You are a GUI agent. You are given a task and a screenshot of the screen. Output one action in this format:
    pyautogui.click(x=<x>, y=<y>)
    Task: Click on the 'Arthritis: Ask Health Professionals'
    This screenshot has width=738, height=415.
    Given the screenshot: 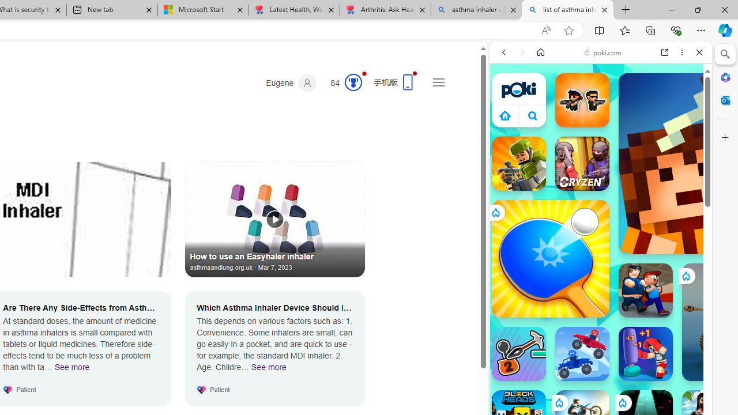 What is the action you would take?
    pyautogui.click(x=385, y=10)
    